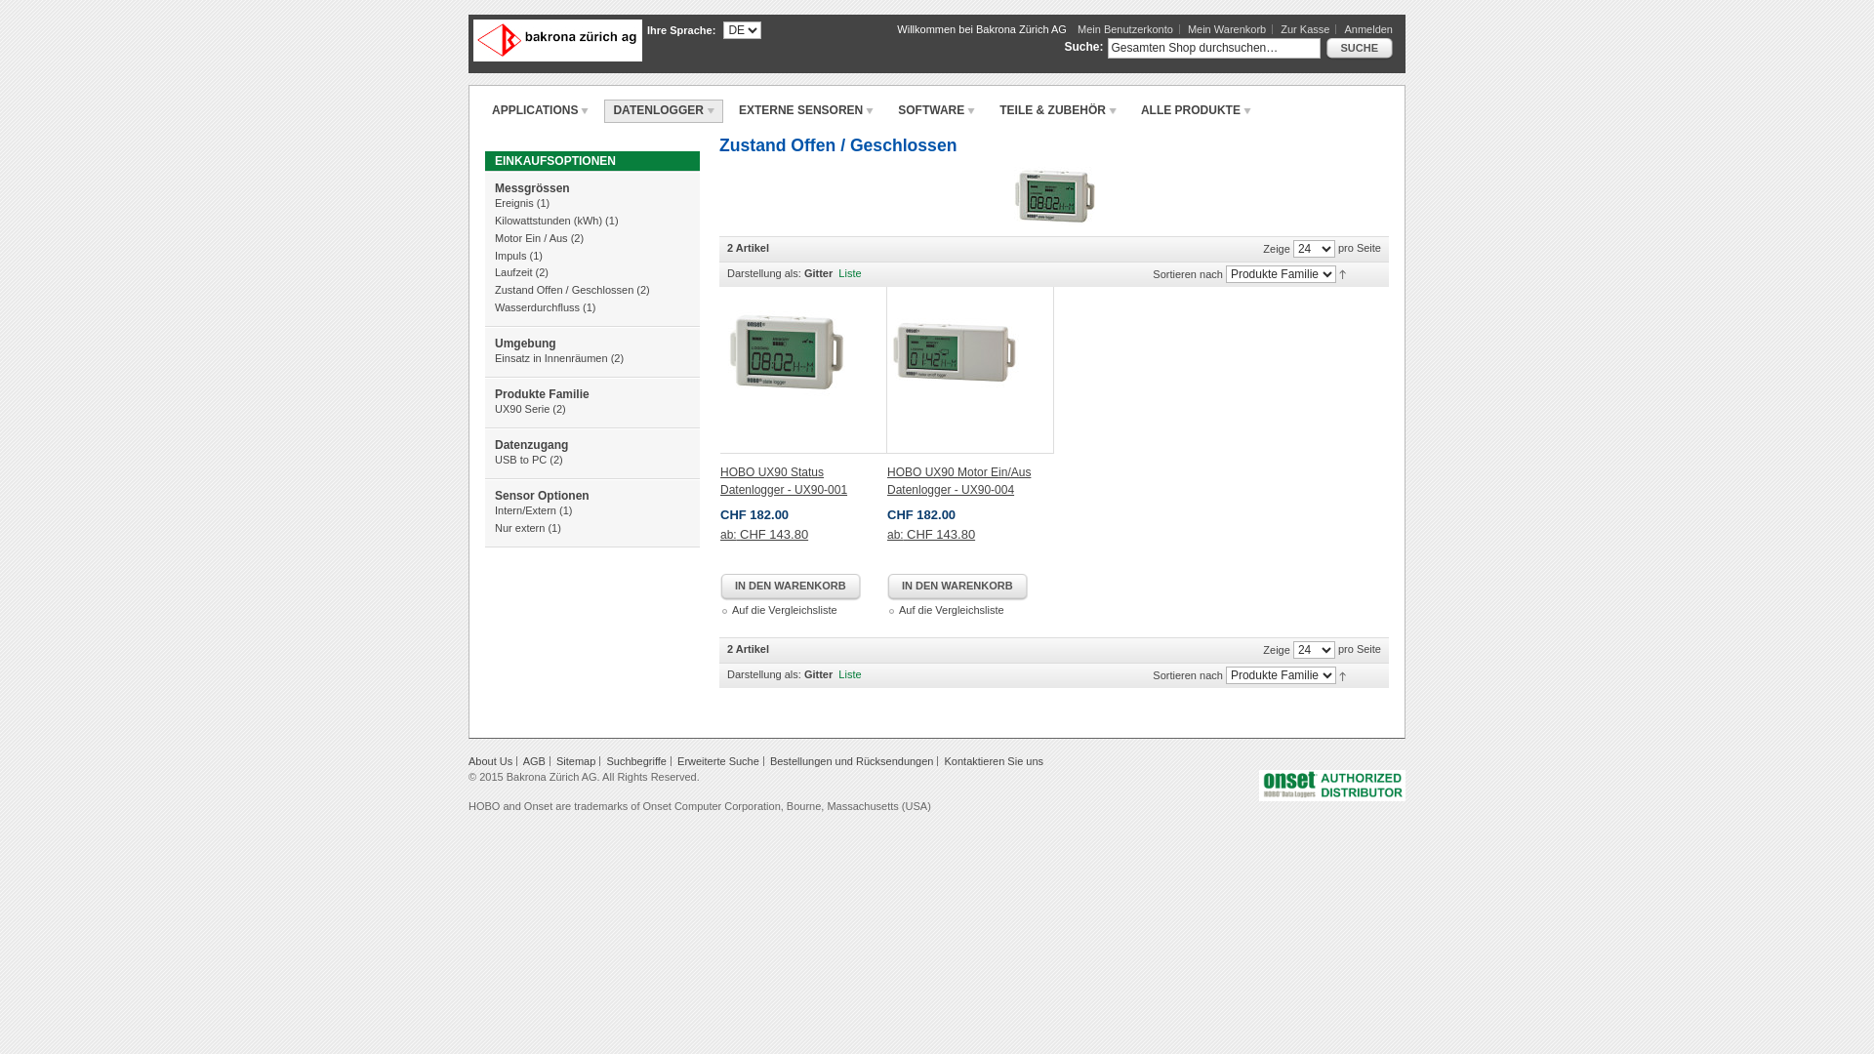 Image resolution: width=1874 pixels, height=1054 pixels. I want to click on 'Auf die Vergleichsliste', so click(951, 608).